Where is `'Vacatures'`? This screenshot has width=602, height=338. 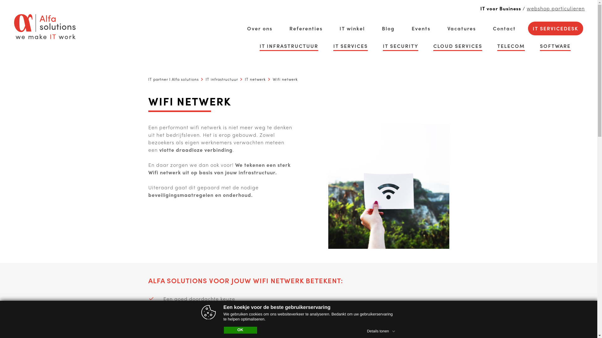
'Vacatures' is located at coordinates (462, 28).